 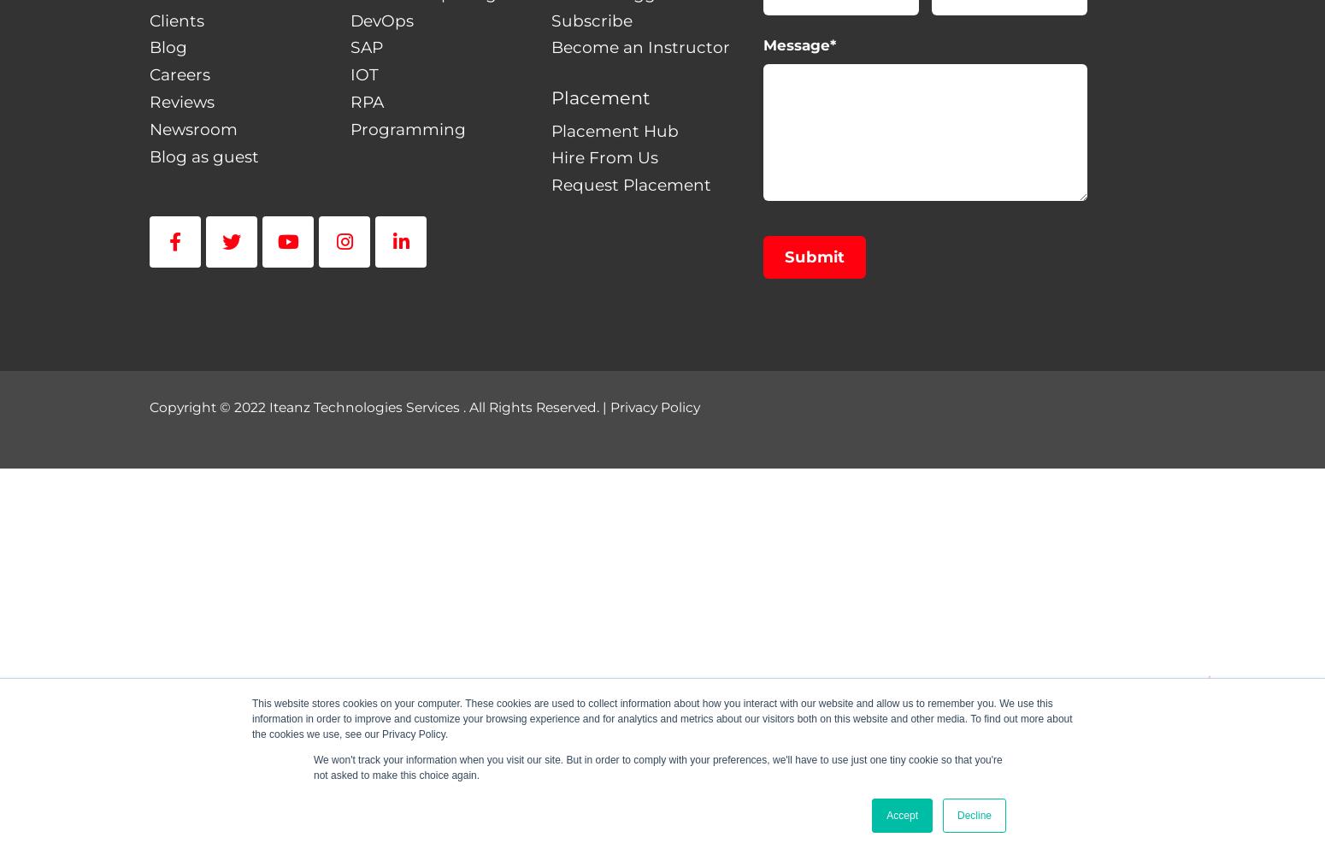 I want to click on 'Copyright © 2022 Iteanz Technologies Services . All Rights Reserved. |', so click(x=380, y=405).